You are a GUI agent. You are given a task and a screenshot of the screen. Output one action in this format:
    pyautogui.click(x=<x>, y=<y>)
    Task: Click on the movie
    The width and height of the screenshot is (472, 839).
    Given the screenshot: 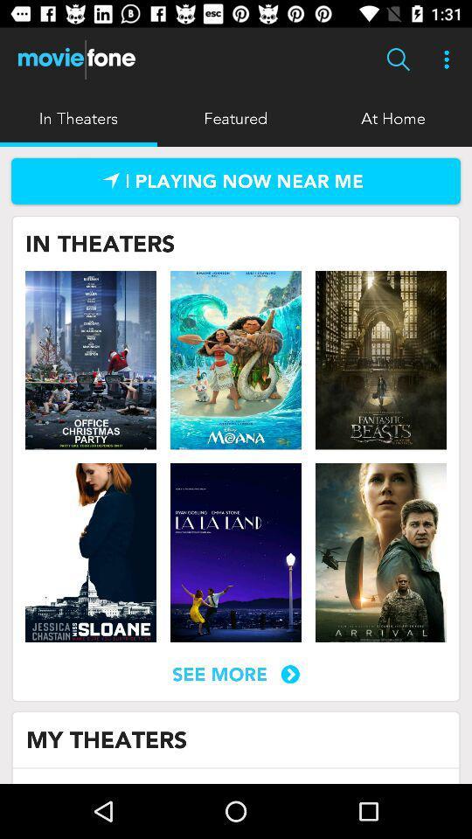 What is the action you would take?
    pyautogui.click(x=236, y=359)
    